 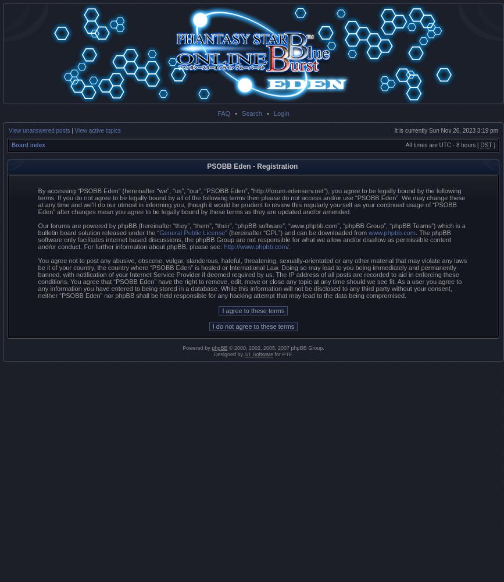 What do you see at coordinates (251, 229) in the screenshot?
I see `'Our forums are powered by phpBB (hereinafter “they”, “them”, “their”, “phpBB software”, “www.phpbb.com”, “phpBB Group”, “phpBB Teams”) which is a bulletin board solution released under the “'` at bounding box center [251, 229].